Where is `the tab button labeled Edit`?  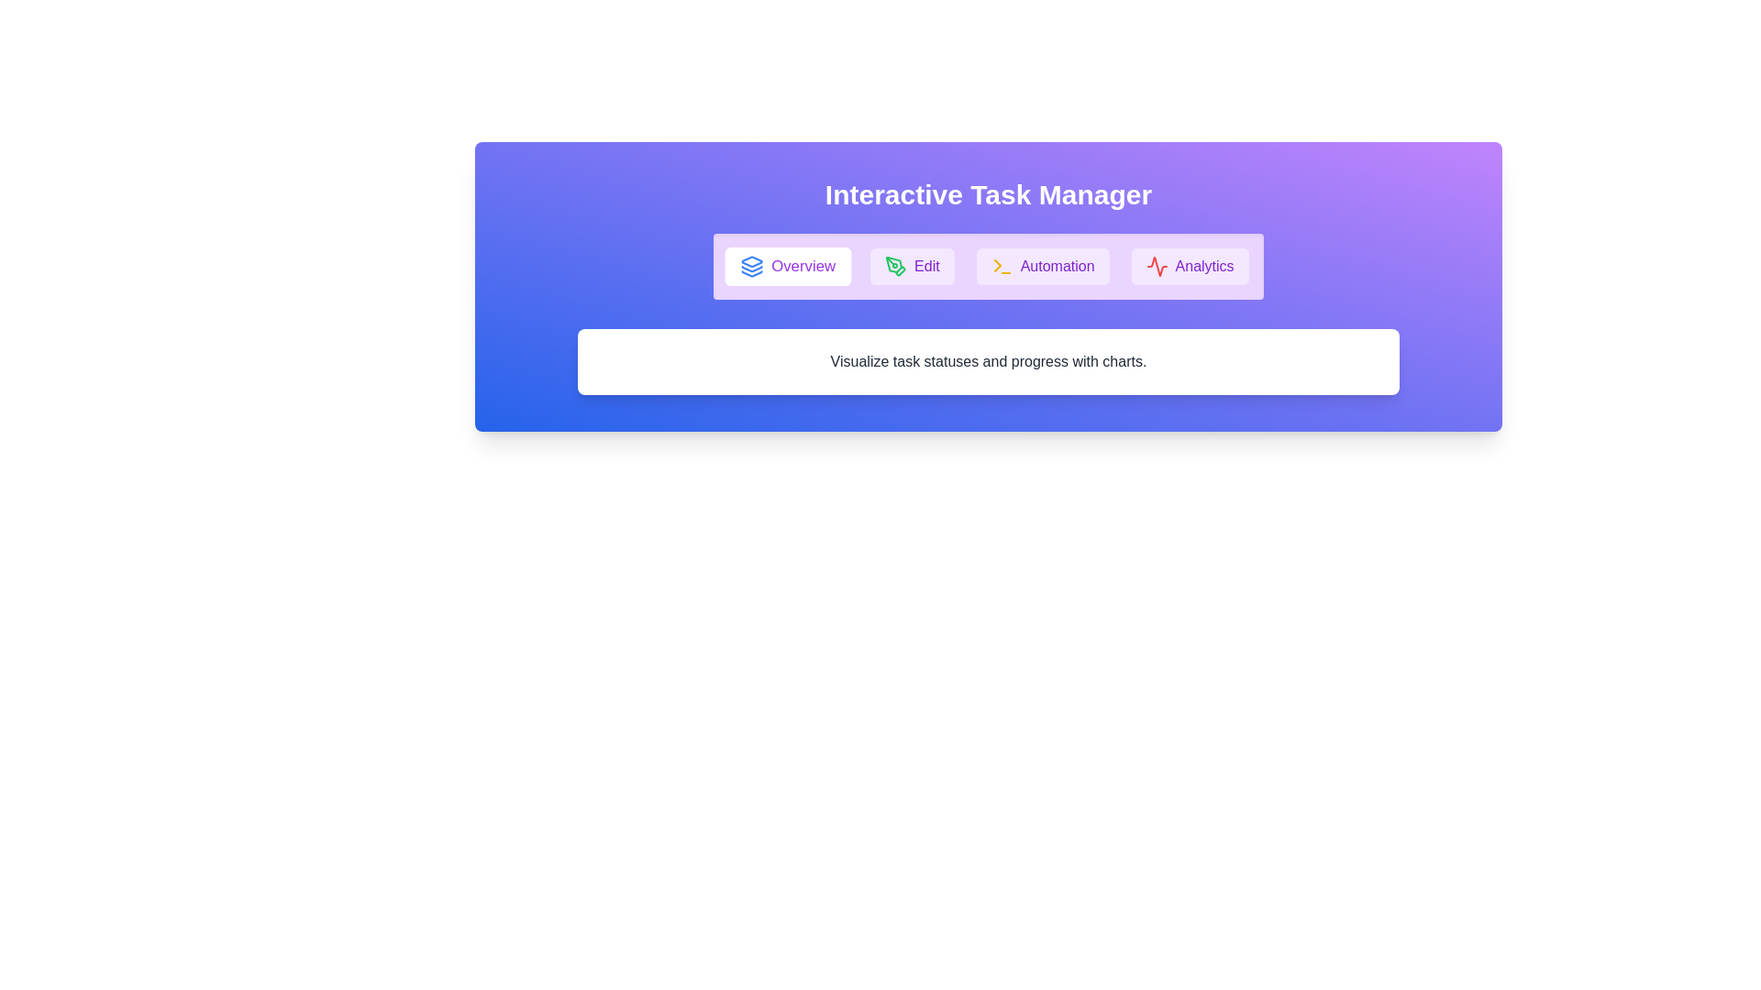 the tab button labeled Edit is located at coordinates (912, 266).